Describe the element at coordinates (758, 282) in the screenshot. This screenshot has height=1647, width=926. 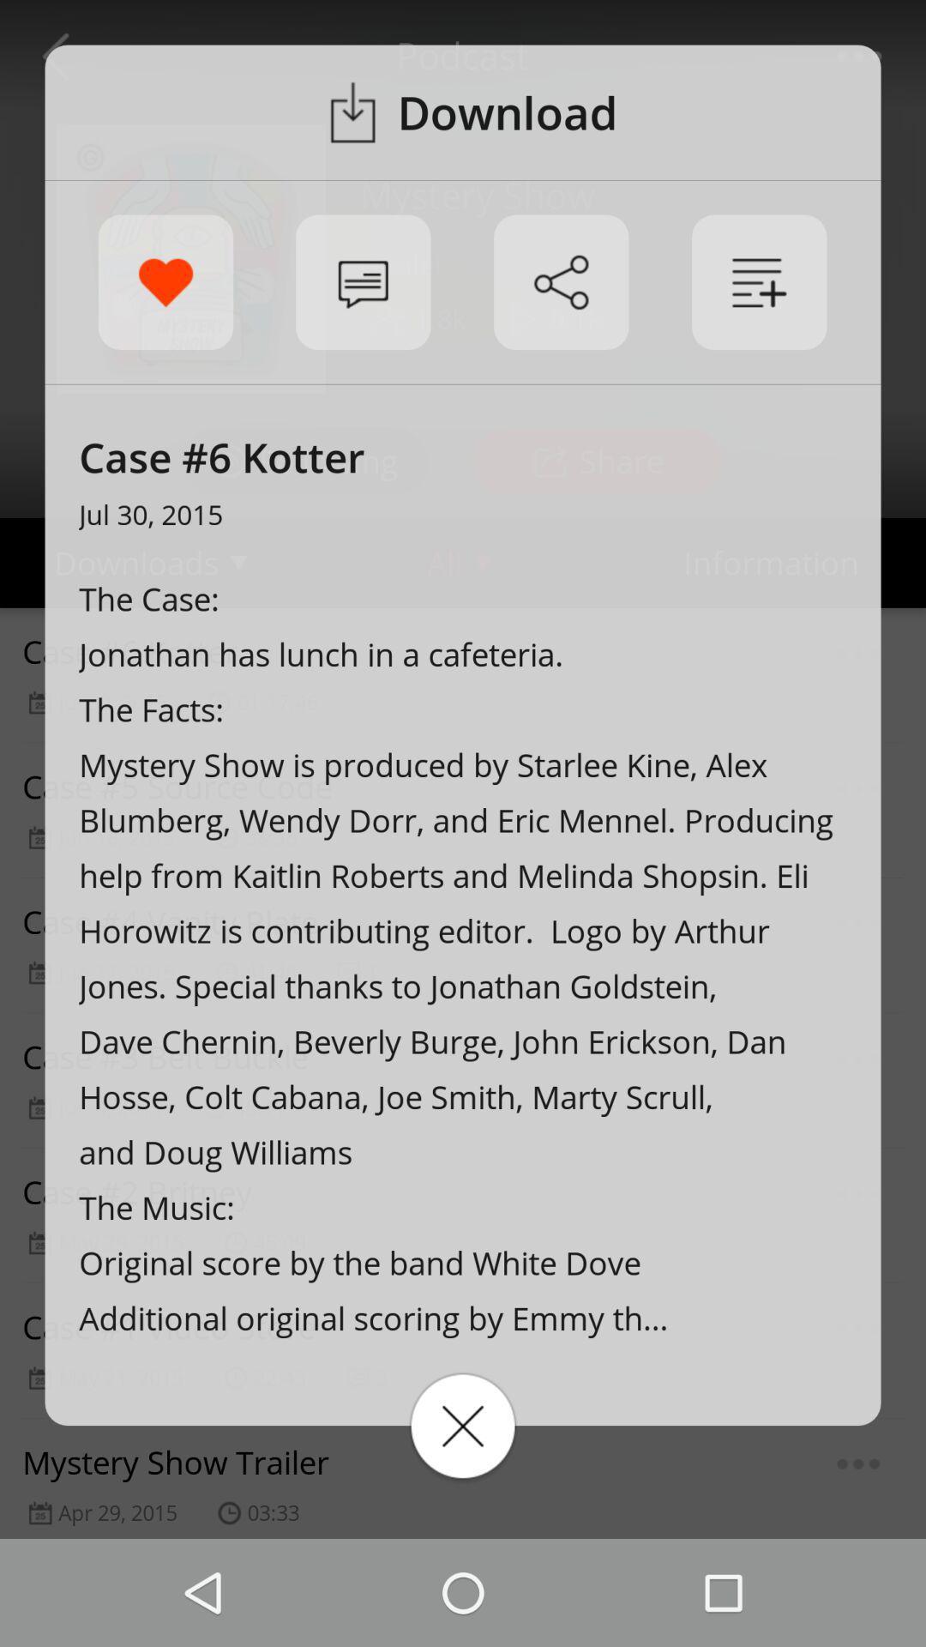
I see `item at the top right corner` at that location.